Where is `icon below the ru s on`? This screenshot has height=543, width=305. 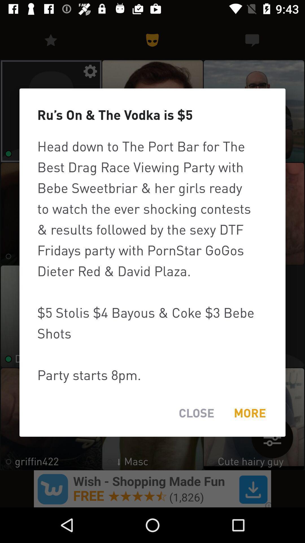
icon below the ru s on is located at coordinates (152, 260).